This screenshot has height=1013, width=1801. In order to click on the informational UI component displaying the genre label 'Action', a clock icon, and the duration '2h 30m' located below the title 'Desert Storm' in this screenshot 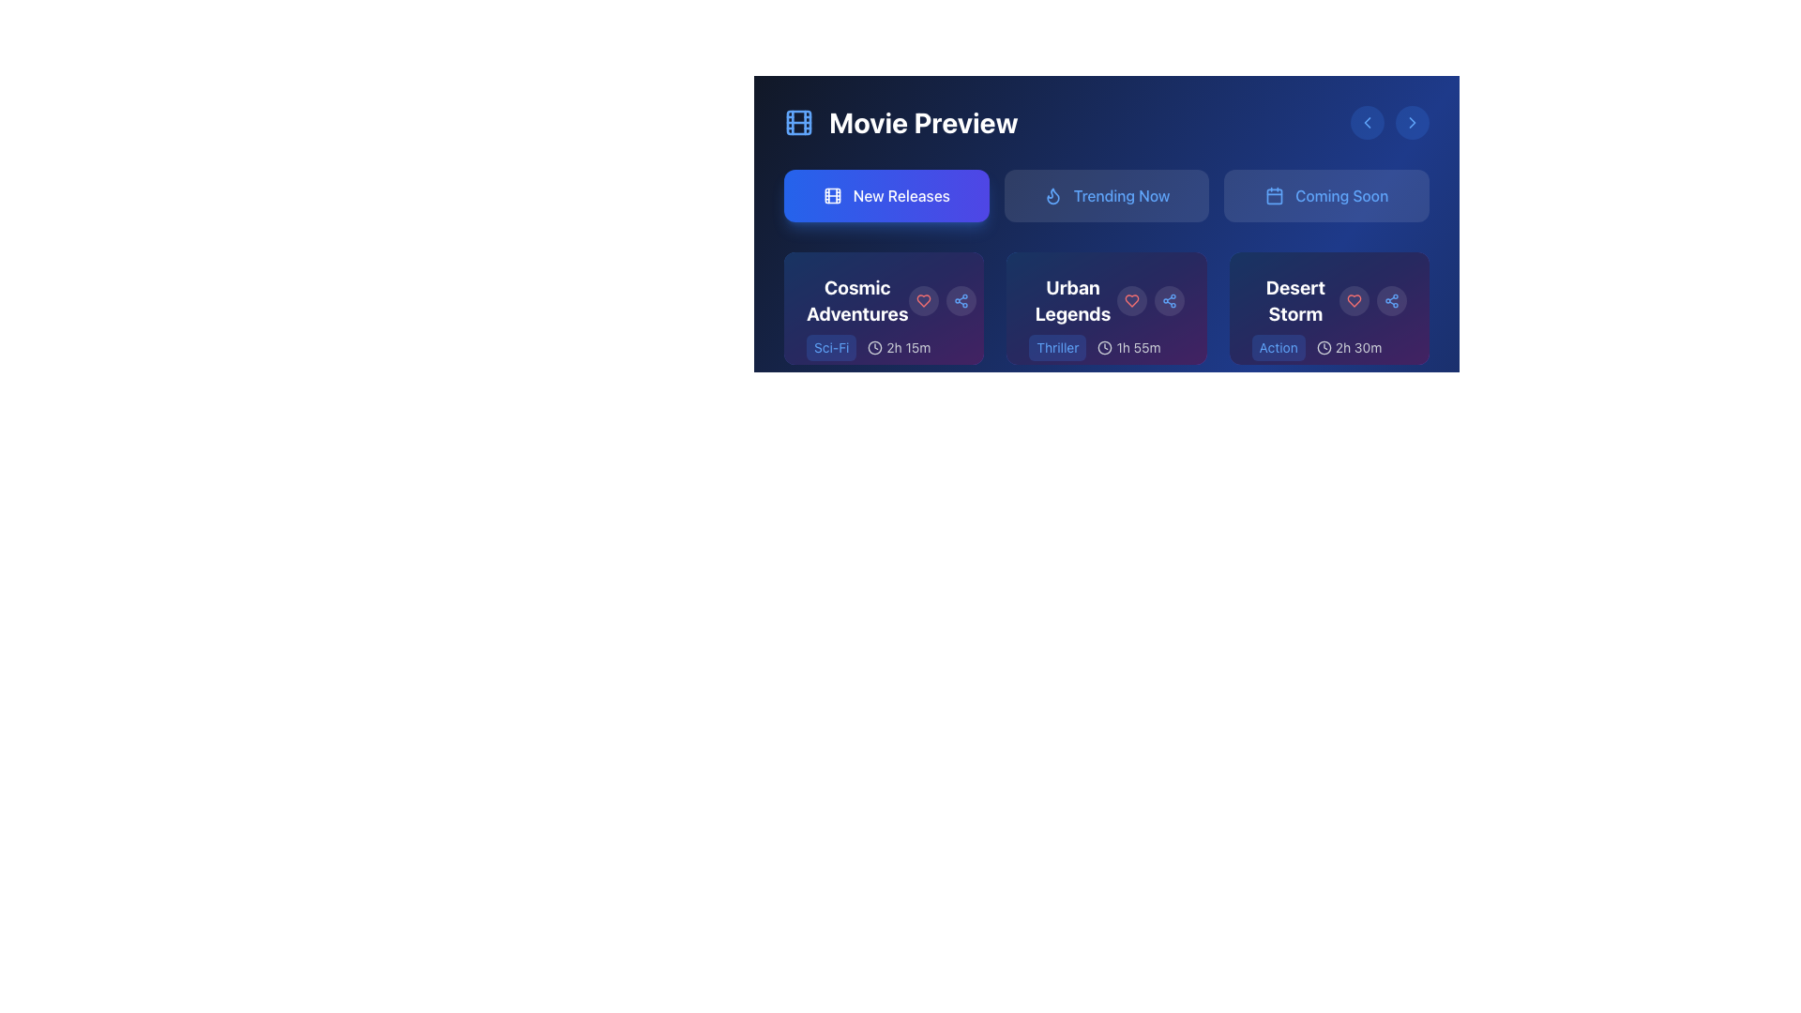, I will do `click(1328, 362)`.